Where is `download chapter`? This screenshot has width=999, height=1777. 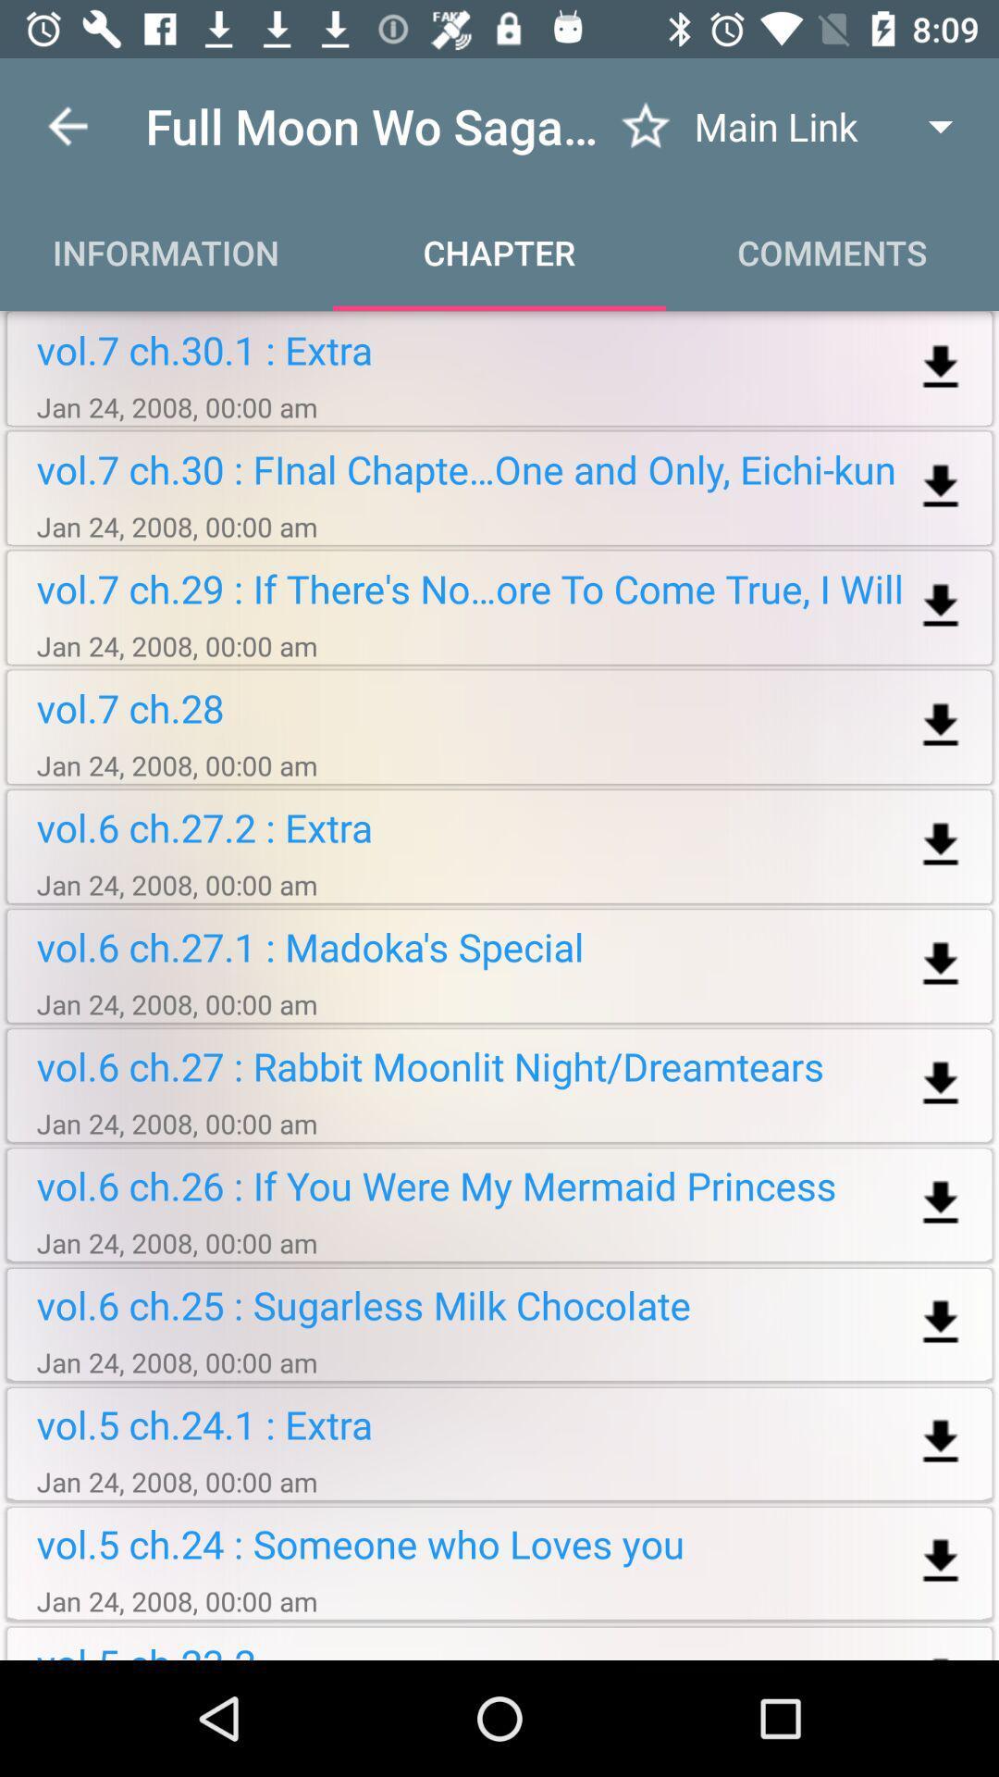 download chapter is located at coordinates (941, 367).